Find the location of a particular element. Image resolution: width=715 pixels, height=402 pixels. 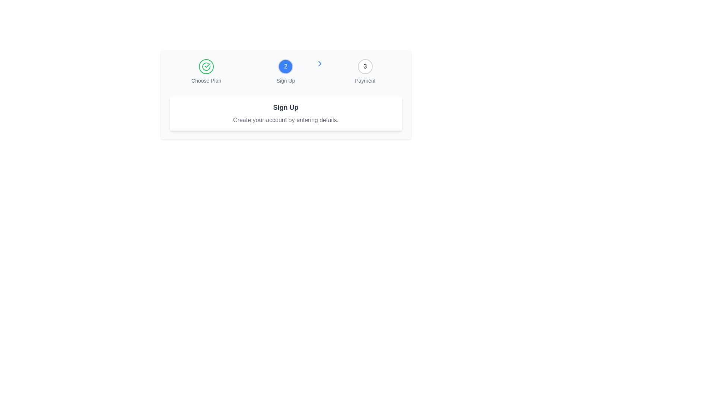

static text element displaying 'Sign Up' in bold and dark gray color, centered above the 'Create your account by entering details.' text is located at coordinates (285, 108).